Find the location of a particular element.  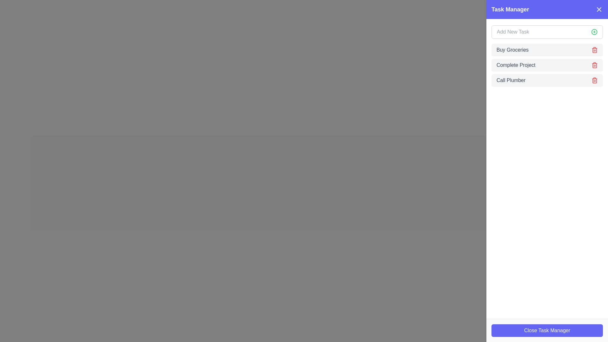

the static text element that serves as the title of the sidebar panel, located at the top-left corner and aligned to the left is located at coordinates (510, 9).